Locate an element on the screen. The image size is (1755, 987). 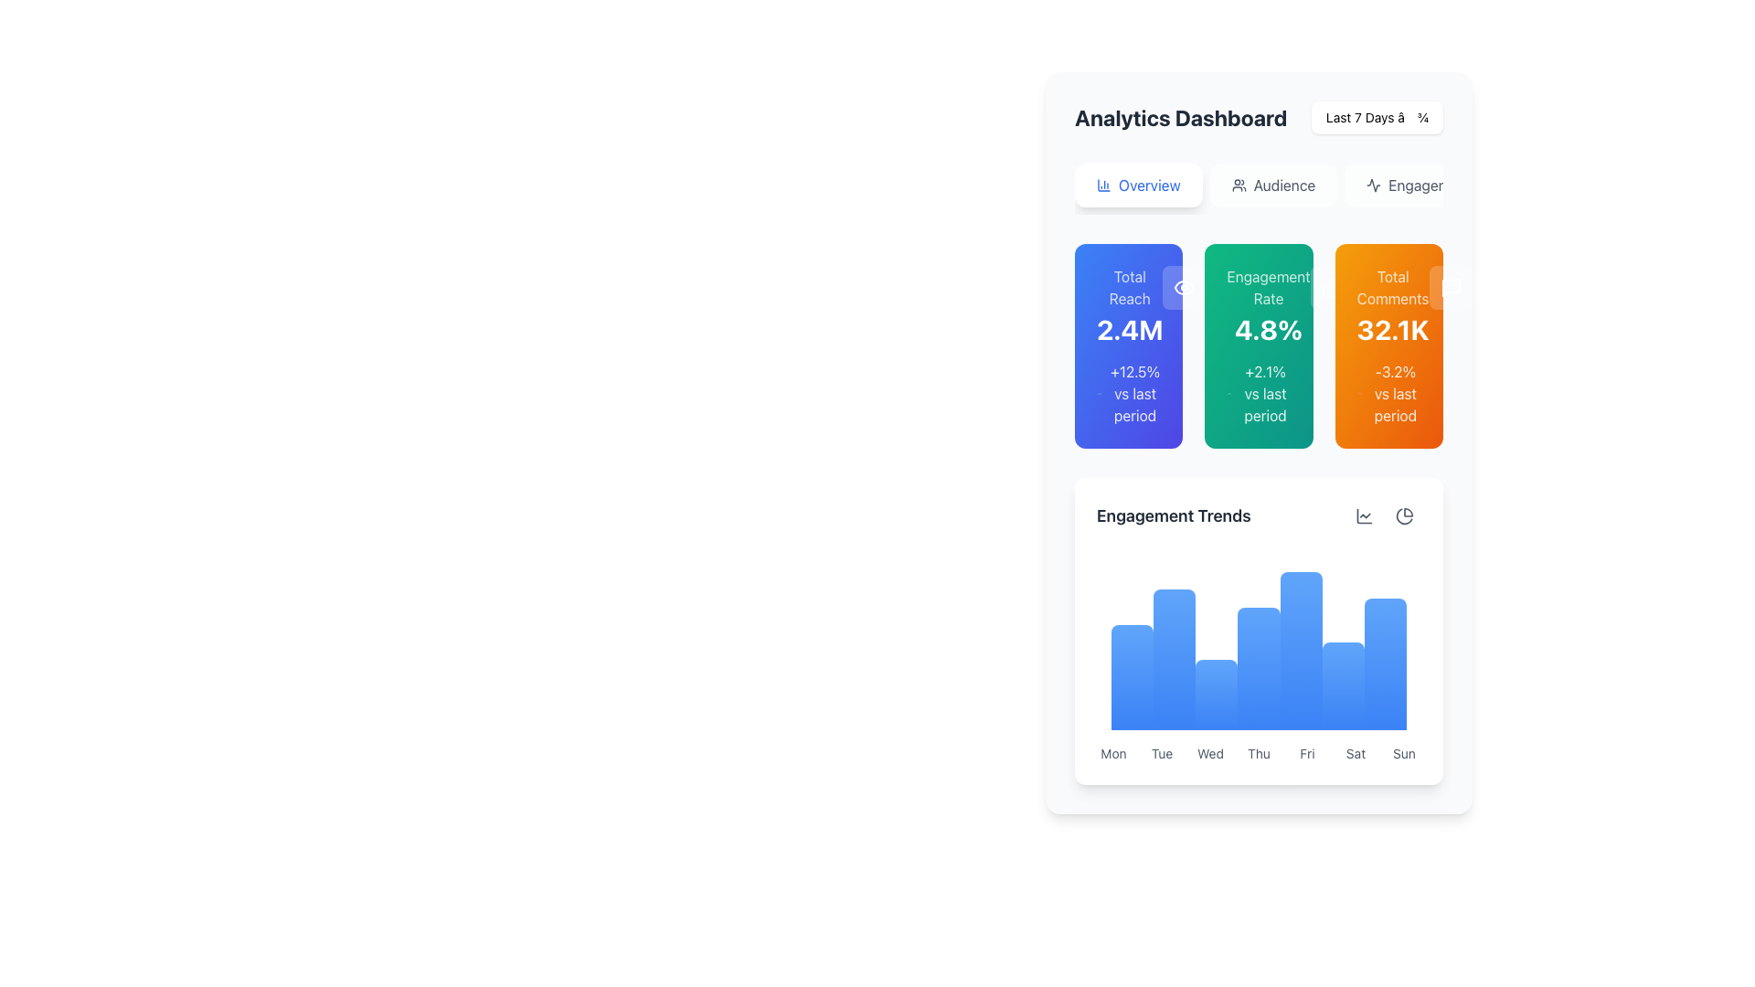
the text display component labeled 'Engagement Rate' within the green card, which shows the value '4.8%' and is located in the center of the card on the dashboard is located at coordinates (1258, 305).